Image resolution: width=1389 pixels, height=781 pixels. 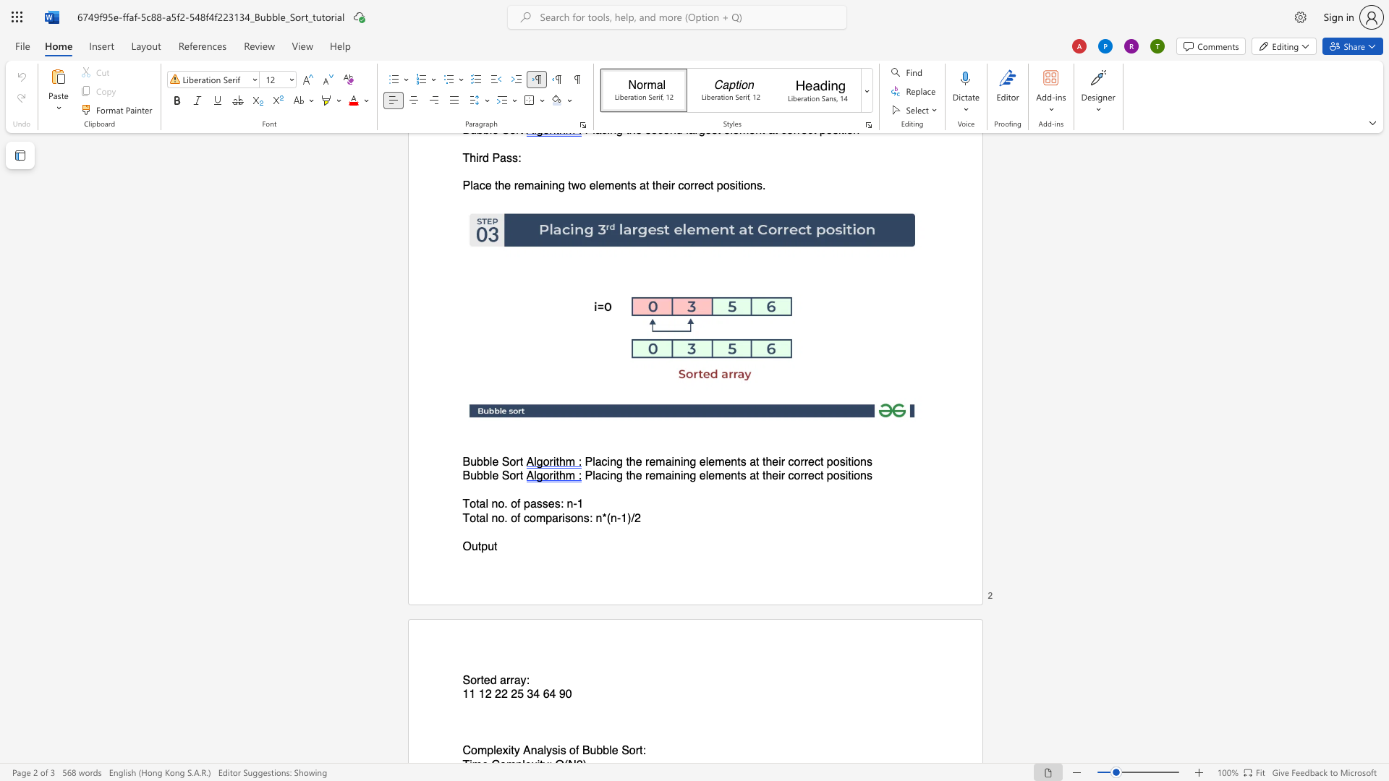 I want to click on the 1th character "-" in the text, so click(x=574, y=503).